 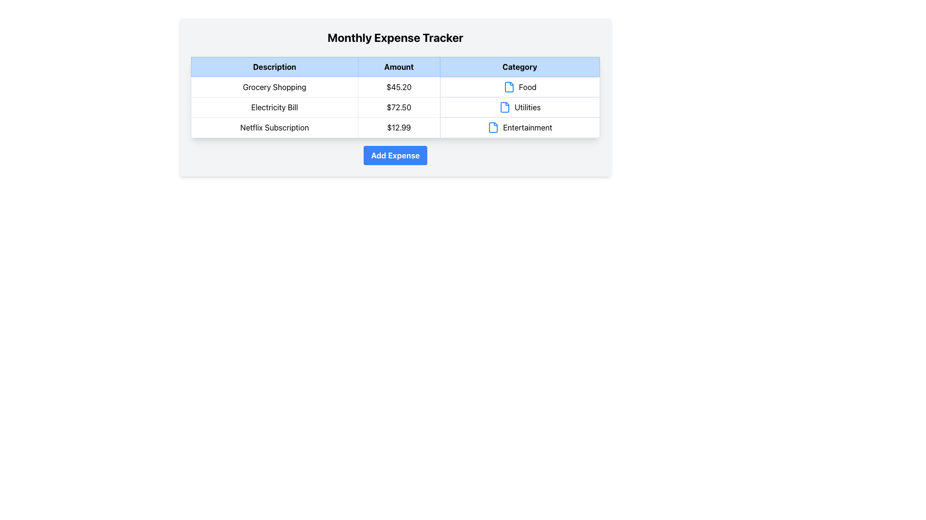 What do you see at coordinates (395, 107) in the screenshot?
I see `the second row of the 'Monthly Expense Tracker' table, which describes the 'Electricity Bill' expense for further actions or details` at bounding box center [395, 107].